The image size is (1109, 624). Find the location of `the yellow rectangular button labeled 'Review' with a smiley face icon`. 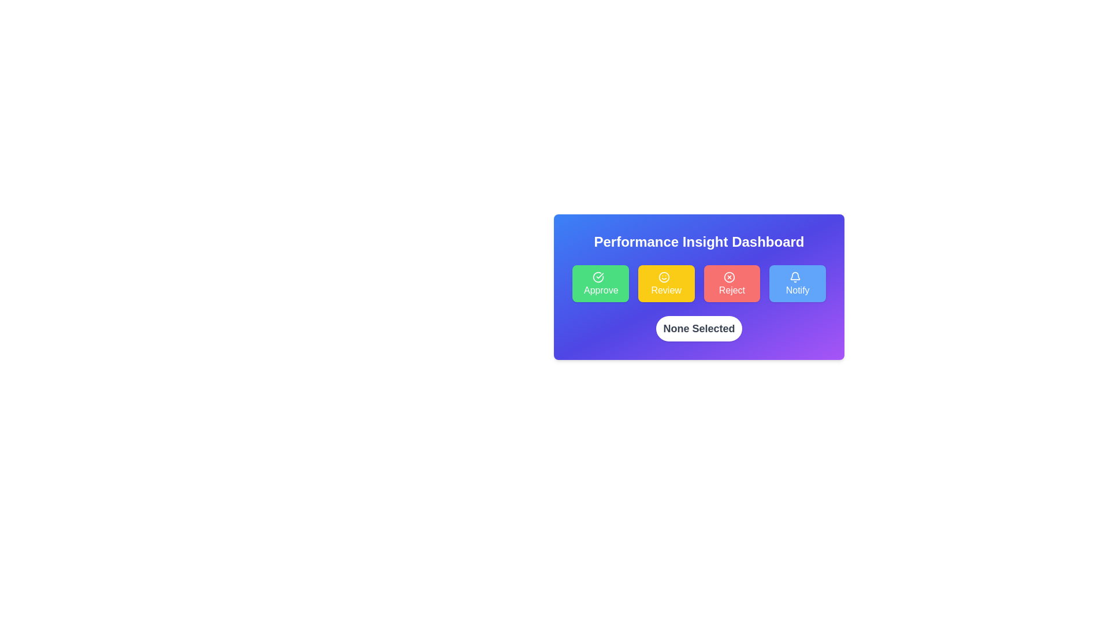

the yellow rectangular button labeled 'Review' with a smiley face icon is located at coordinates (666, 283).